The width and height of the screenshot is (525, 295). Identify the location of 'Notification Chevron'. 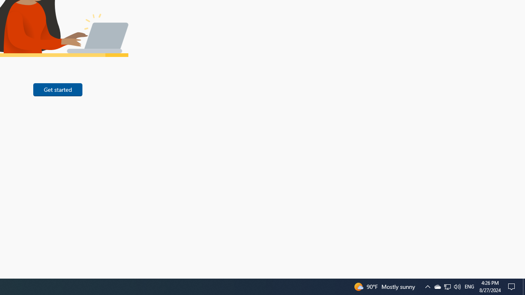
(447, 286).